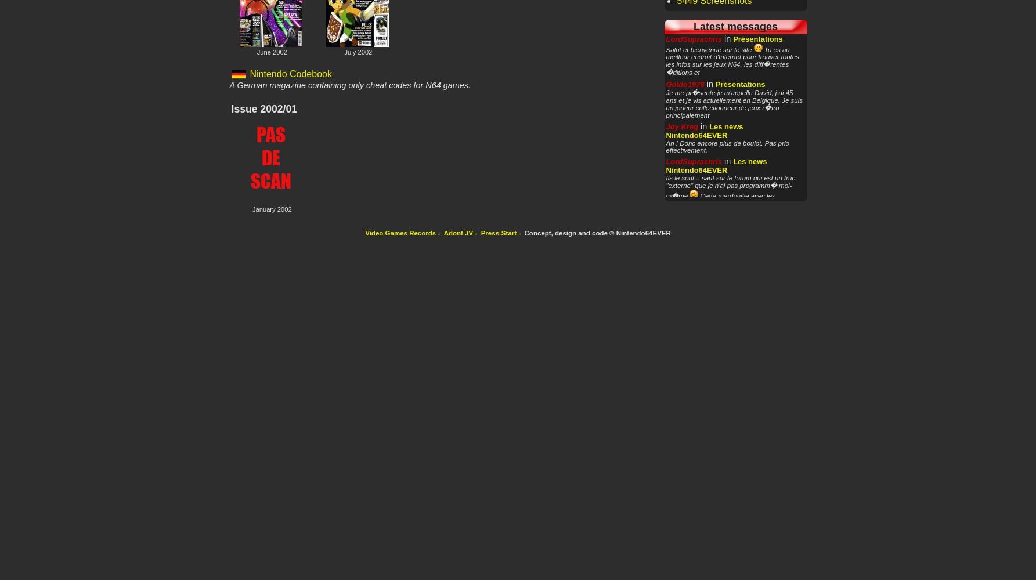  Describe the element at coordinates (349, 85) in the screenshot. I see `'A German magazine containing only cheat codes for N64 games.'` at that location.